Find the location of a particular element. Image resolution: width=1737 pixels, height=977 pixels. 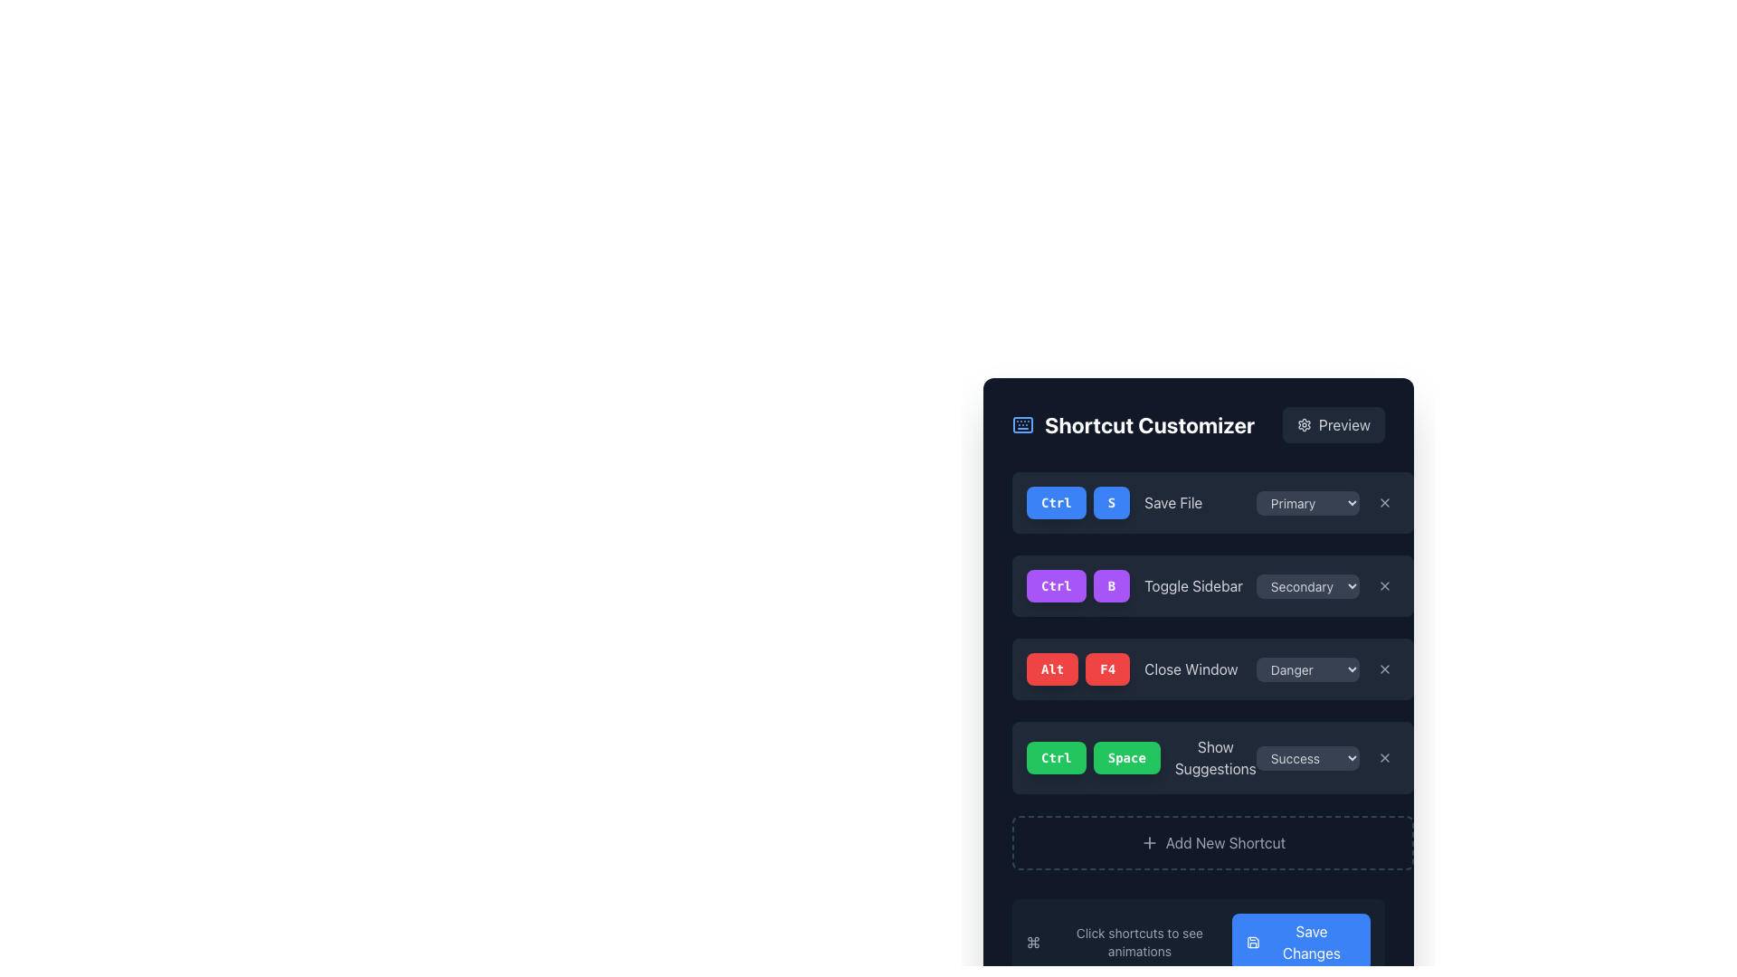

the static representation of the 'Ctrl' key in the Shortcut Customizer section is located at coordinates (1056, 502).